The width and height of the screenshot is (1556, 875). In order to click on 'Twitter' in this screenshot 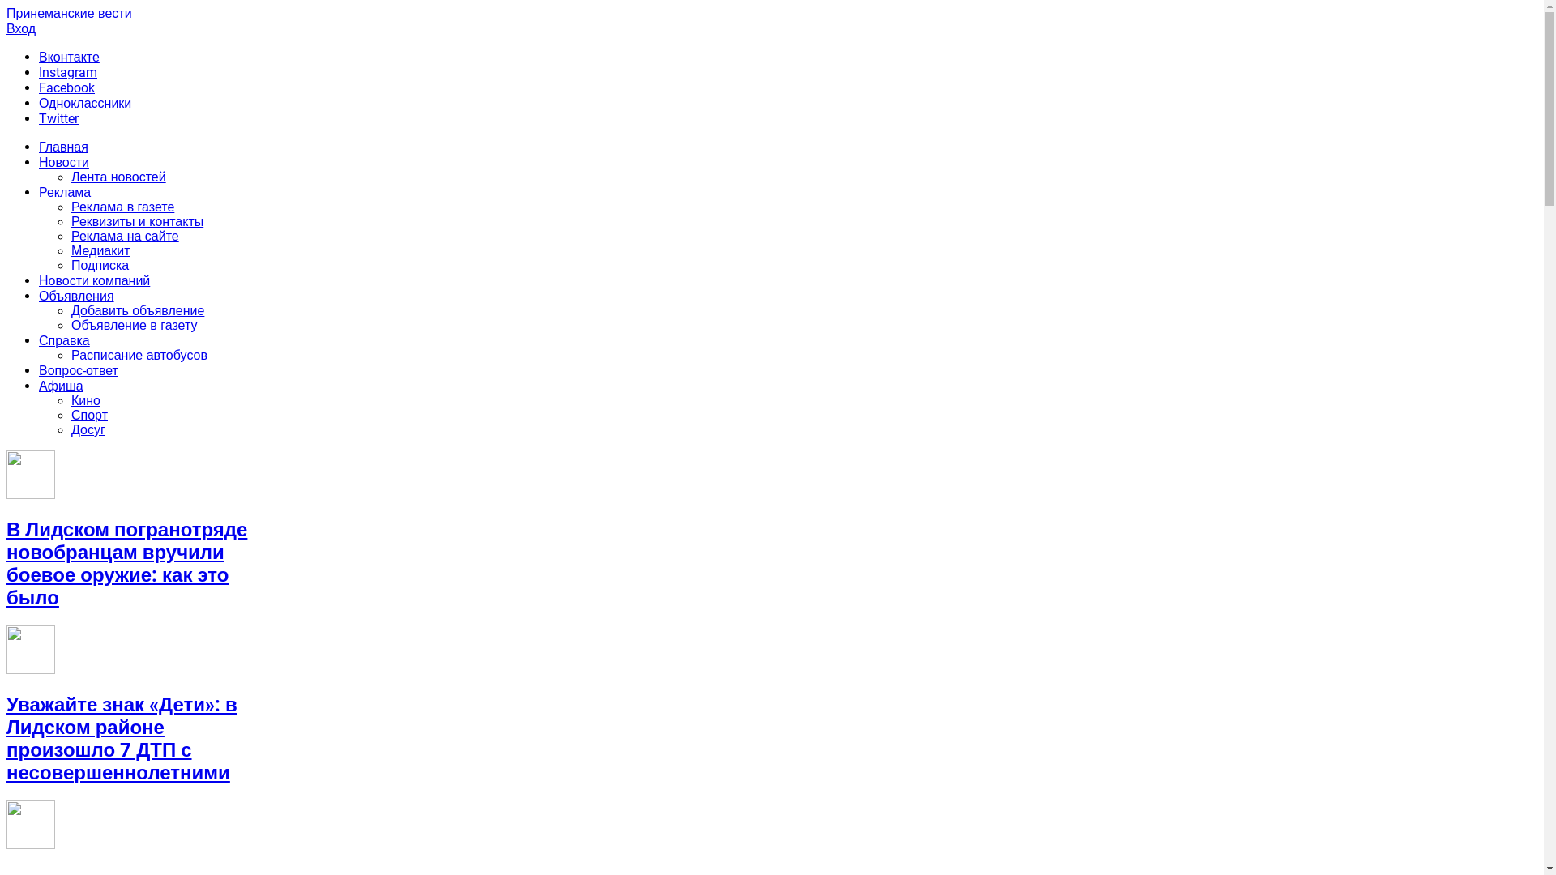, I will do `click(58, 117)`.